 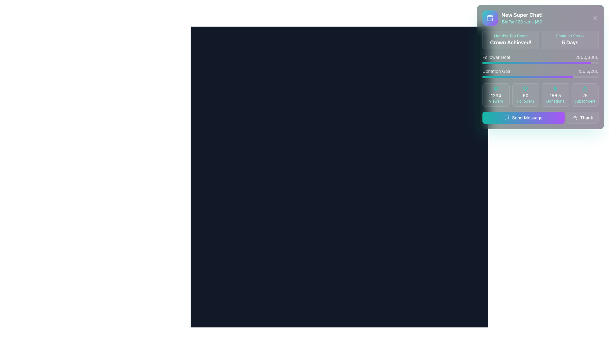 What do you see at coordinates (583, 117) in the screenshot?
I see `the second button from the right, which is positioned adjacent to the 'Send Message' button at the bottom-right corner of the card, to express appreciation` at bounding box center [583, 117].